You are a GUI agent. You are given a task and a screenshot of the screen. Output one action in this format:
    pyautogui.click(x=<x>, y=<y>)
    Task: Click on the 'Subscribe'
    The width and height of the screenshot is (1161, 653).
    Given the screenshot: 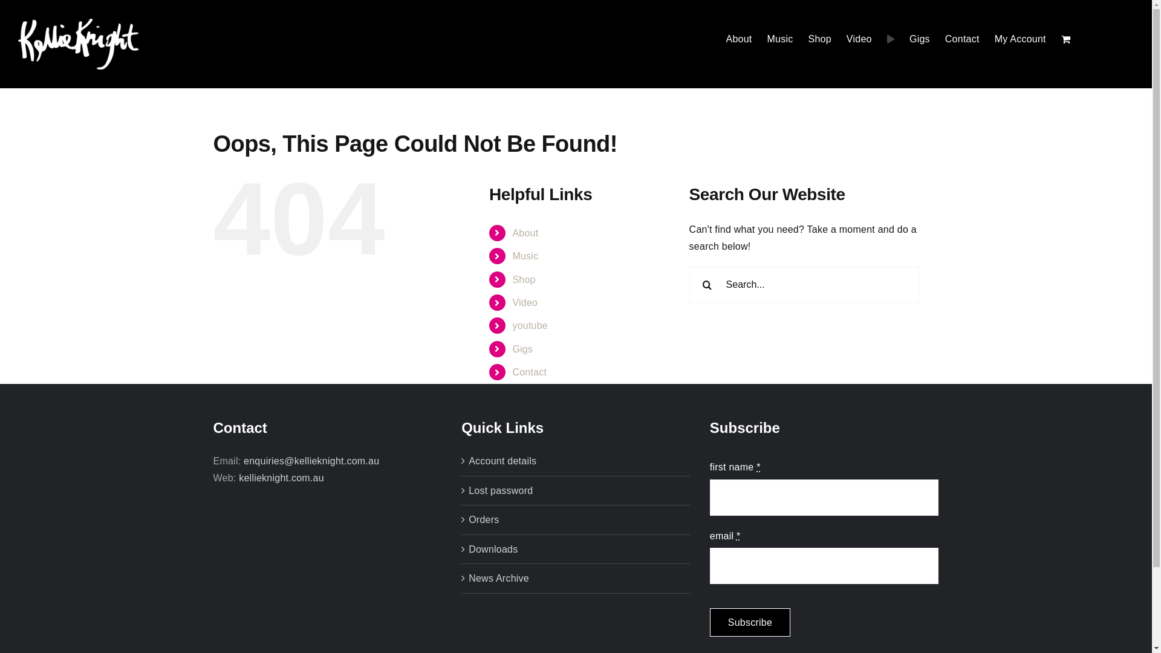 What is the action you would take?
    pyautogui.click(x=749, y=622)
    